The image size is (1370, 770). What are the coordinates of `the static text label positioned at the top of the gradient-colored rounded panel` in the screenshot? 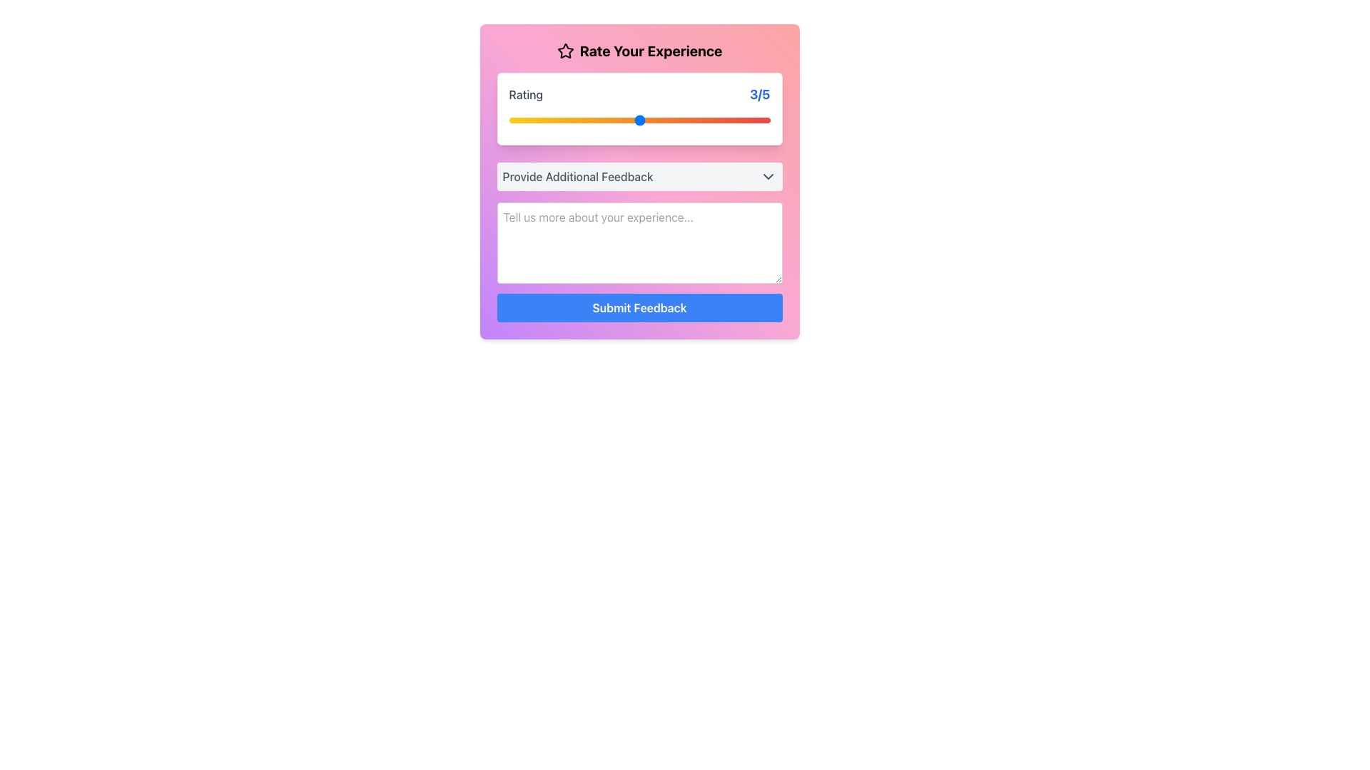 It's located at (639, 56).